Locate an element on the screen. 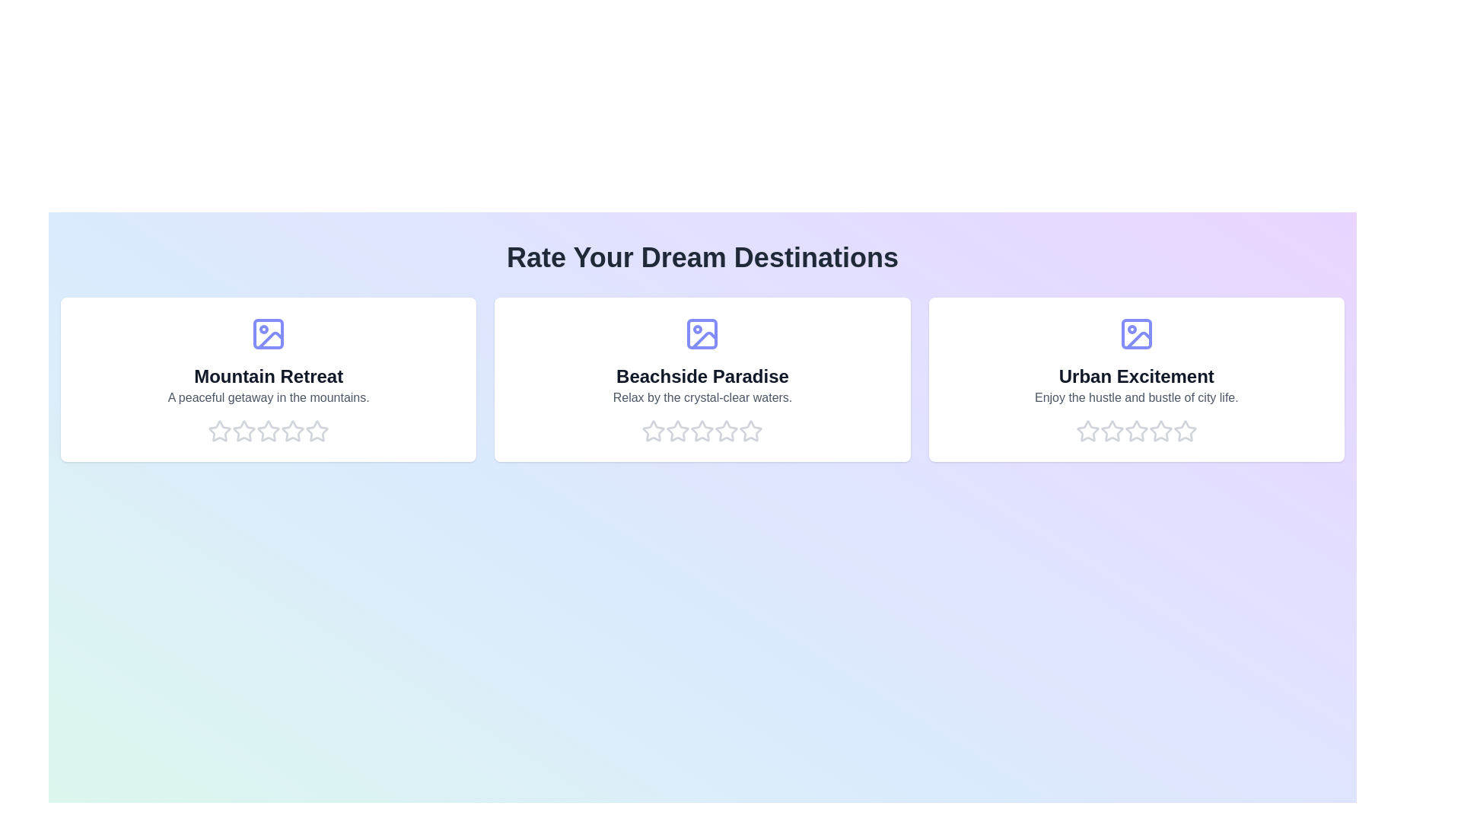 This screenshot has height=822, width=1461. the rating for a destination to 3 stars is located at coordinates (269, 432).